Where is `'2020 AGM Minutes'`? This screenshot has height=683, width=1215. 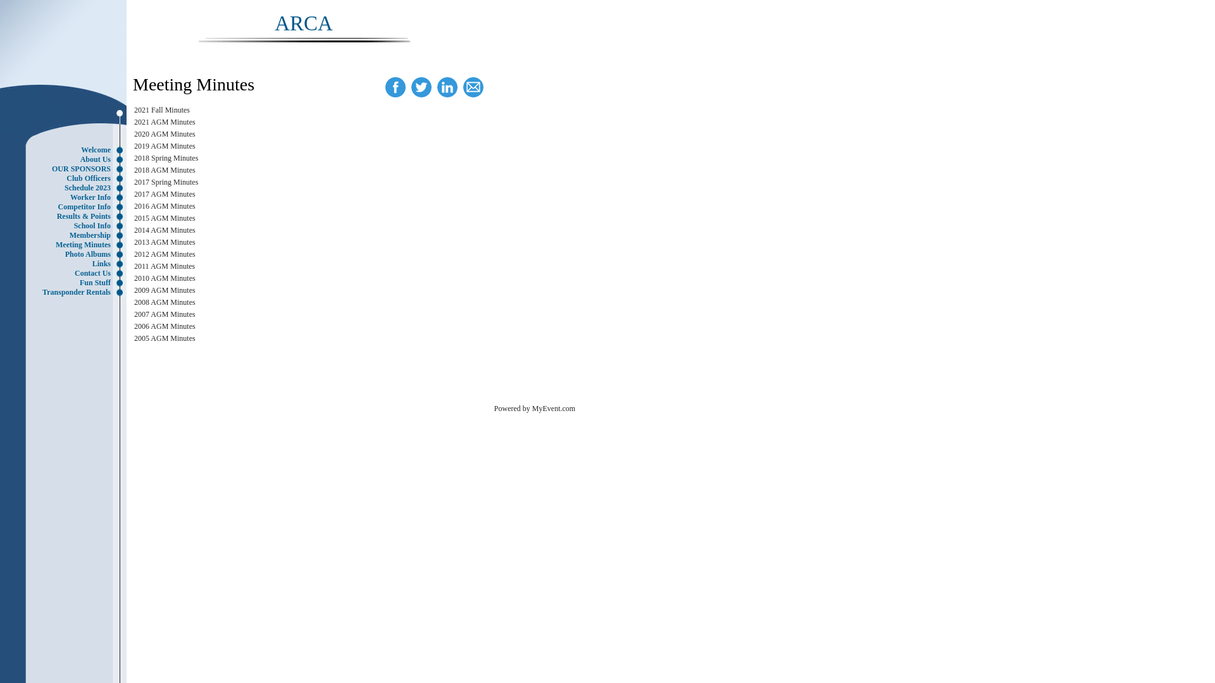
'2020 AGM Minutes' is located at coordinates (134, 134).